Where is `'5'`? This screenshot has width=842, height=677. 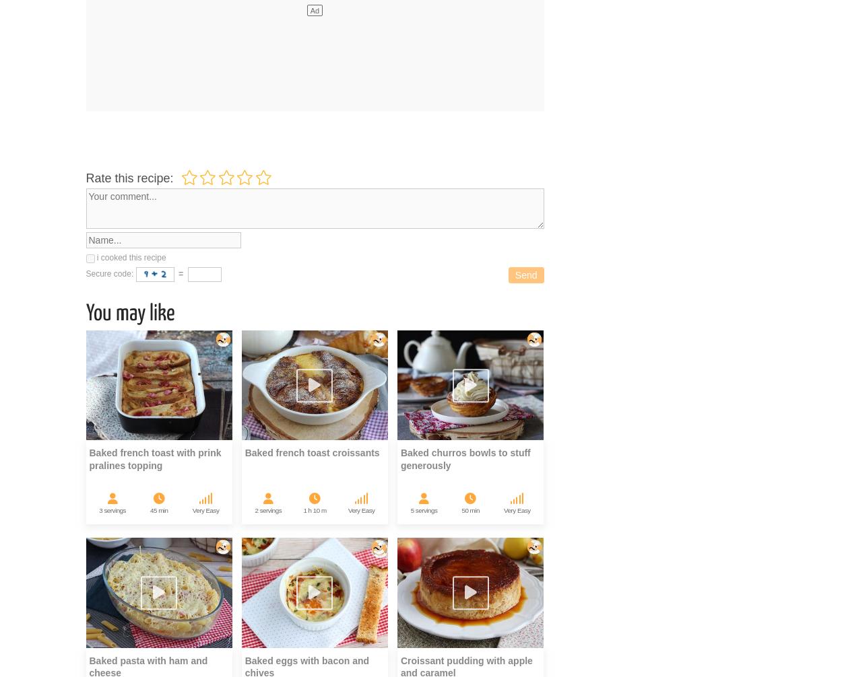 '5' is located at coordinates (411, 509).